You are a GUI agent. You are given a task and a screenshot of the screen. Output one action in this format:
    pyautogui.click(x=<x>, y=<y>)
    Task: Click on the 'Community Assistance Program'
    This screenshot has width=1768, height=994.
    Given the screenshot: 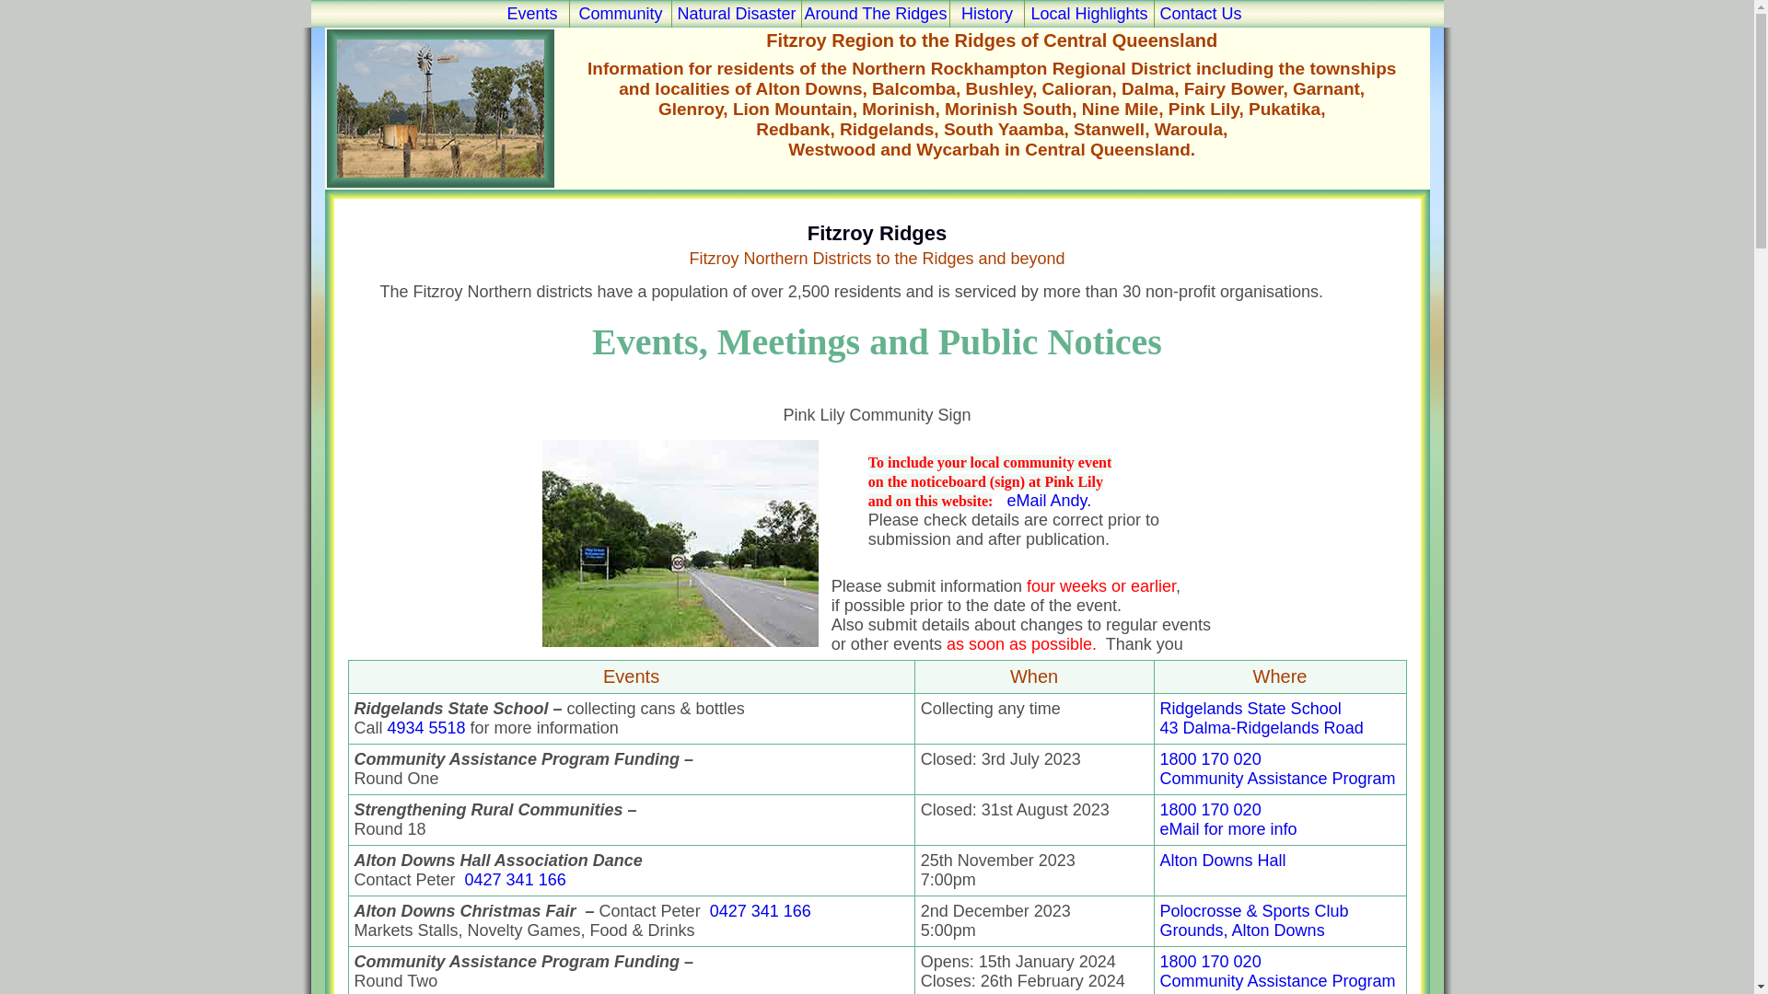 What is the action you would take?
    pyautogui.click(x=1276, y=778)
    